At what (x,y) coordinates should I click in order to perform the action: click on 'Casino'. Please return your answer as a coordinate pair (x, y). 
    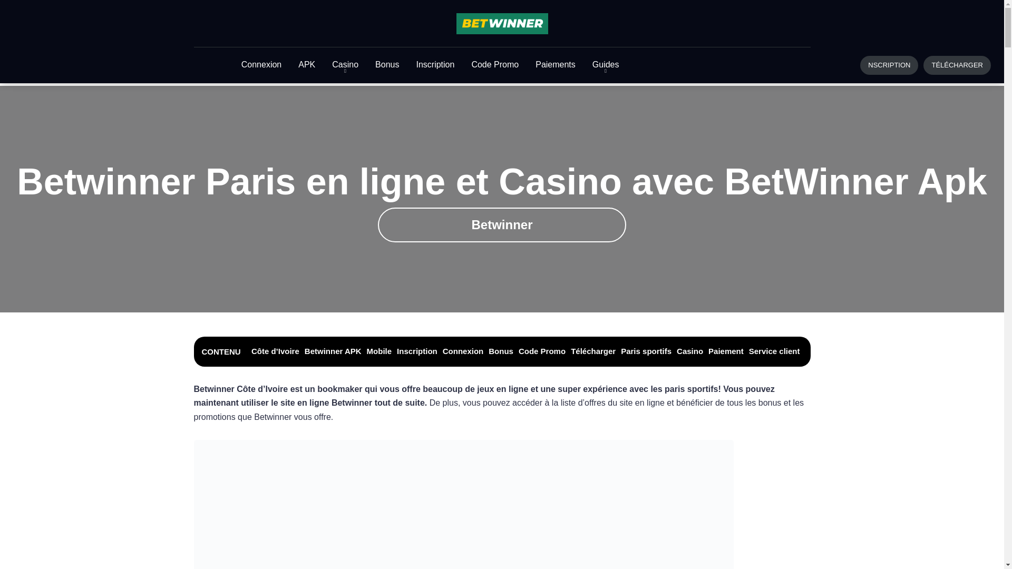
    Looking at the image, I should click on (690, 351).